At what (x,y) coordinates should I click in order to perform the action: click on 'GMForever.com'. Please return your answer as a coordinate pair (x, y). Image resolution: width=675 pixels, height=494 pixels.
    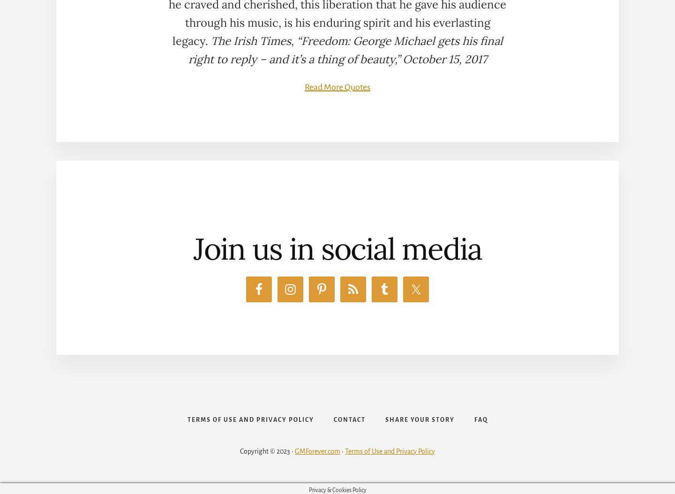
    Looking at the image, I should click on (317, 450).